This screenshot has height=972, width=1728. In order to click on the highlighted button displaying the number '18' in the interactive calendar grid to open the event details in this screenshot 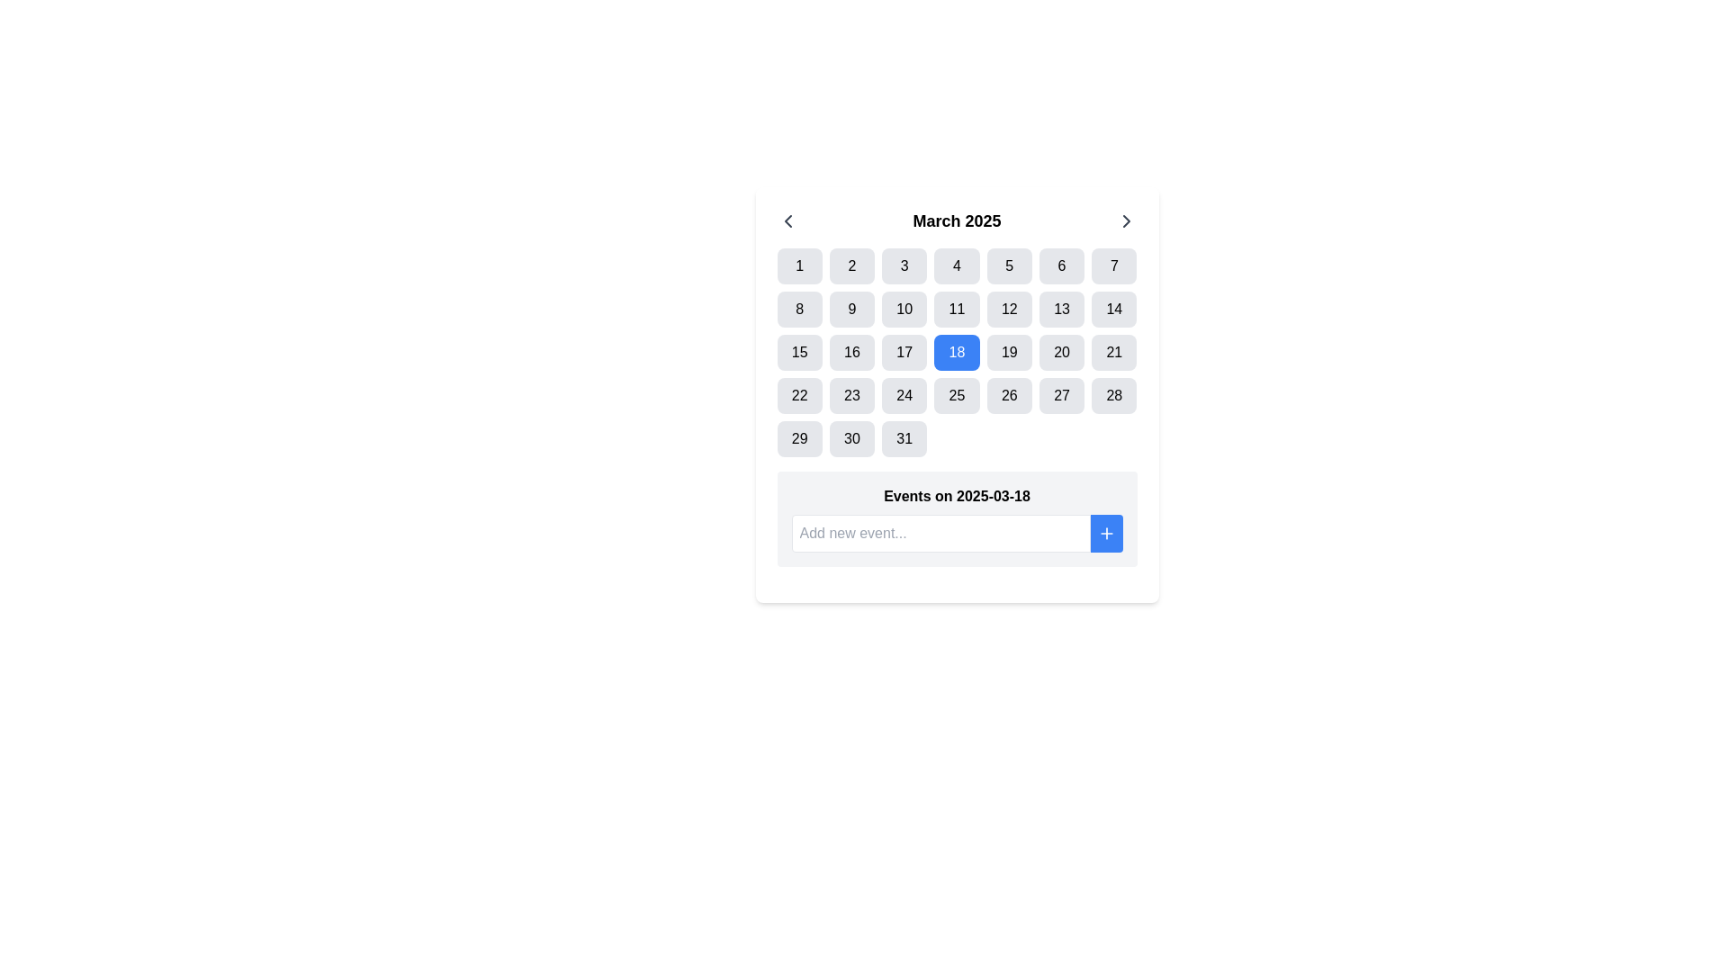, I will do `click(956, 353)`.